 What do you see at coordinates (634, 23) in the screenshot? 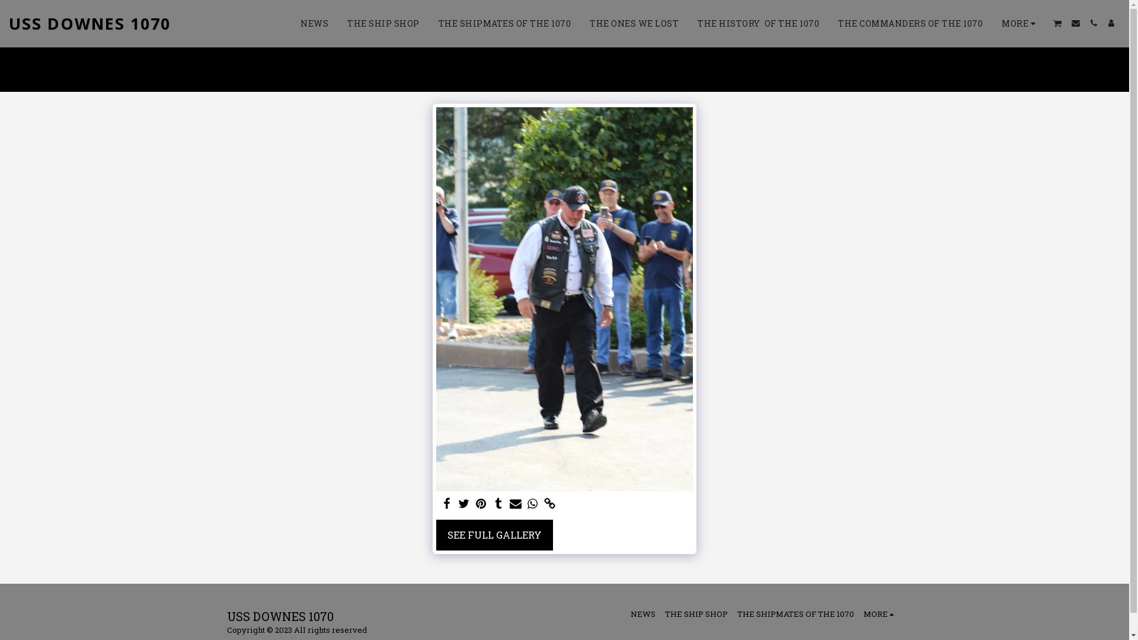
I see `'THE ONES WE LOST'` at bounding box center [634, 23].